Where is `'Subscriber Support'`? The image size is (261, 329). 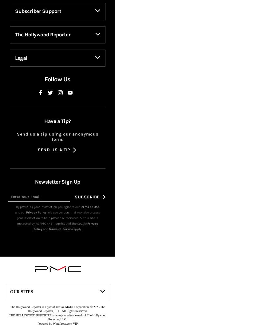 'Subscriber Support' is located at coordinates (38, 21).